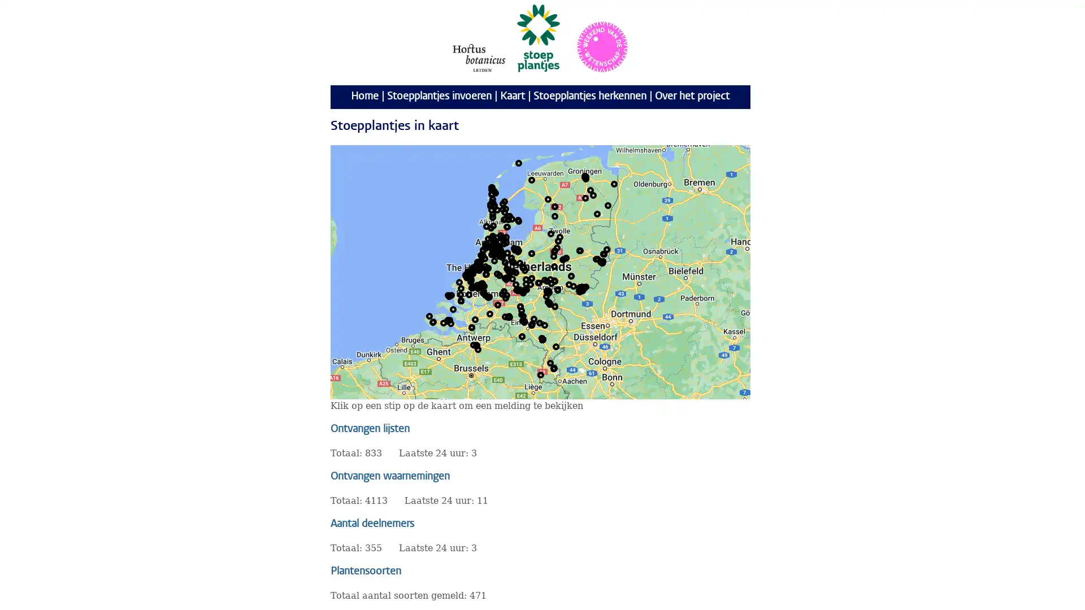 The width and height of the screenshot is (1085, 610). What do you see at coordinates (472, 268) in the screenshot?
I see `Telling van Esther op 30 mei 2022` at bounding box center [472, 268].